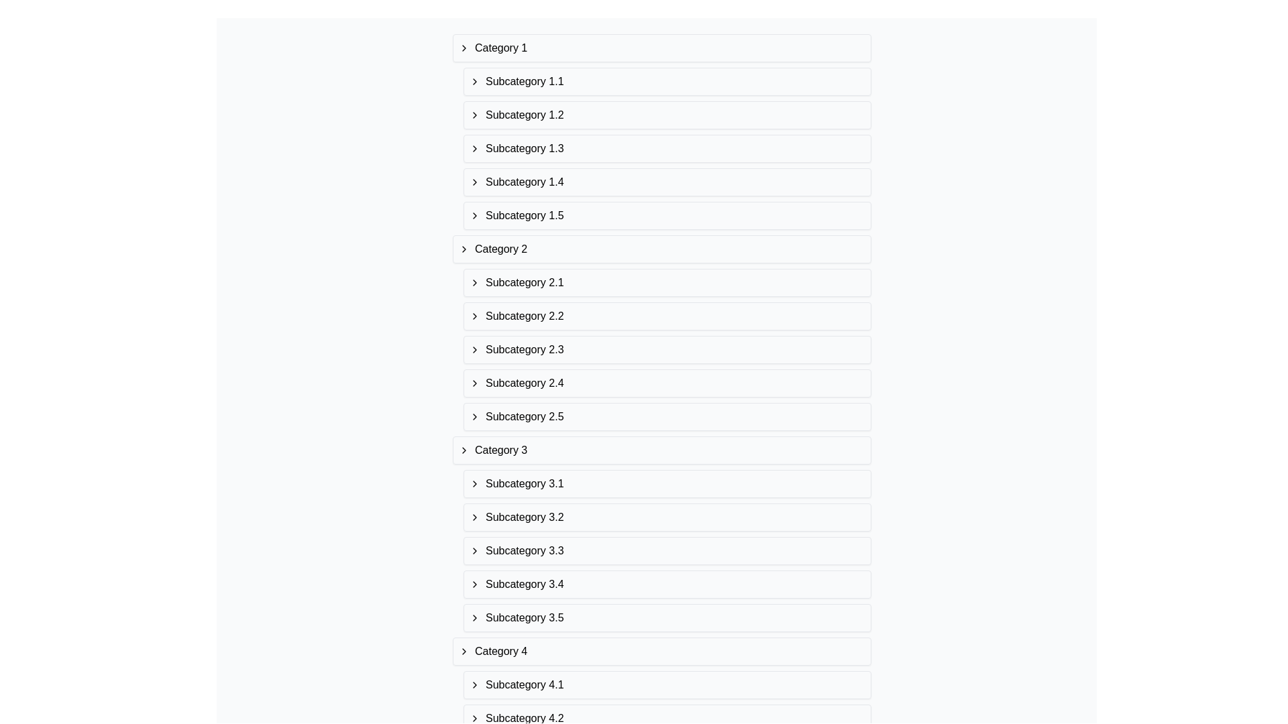 The image size is (1288, 724). I want to click on the icon located directly to the left of the text label 'Subcategory 1.5', so click(475, 215).